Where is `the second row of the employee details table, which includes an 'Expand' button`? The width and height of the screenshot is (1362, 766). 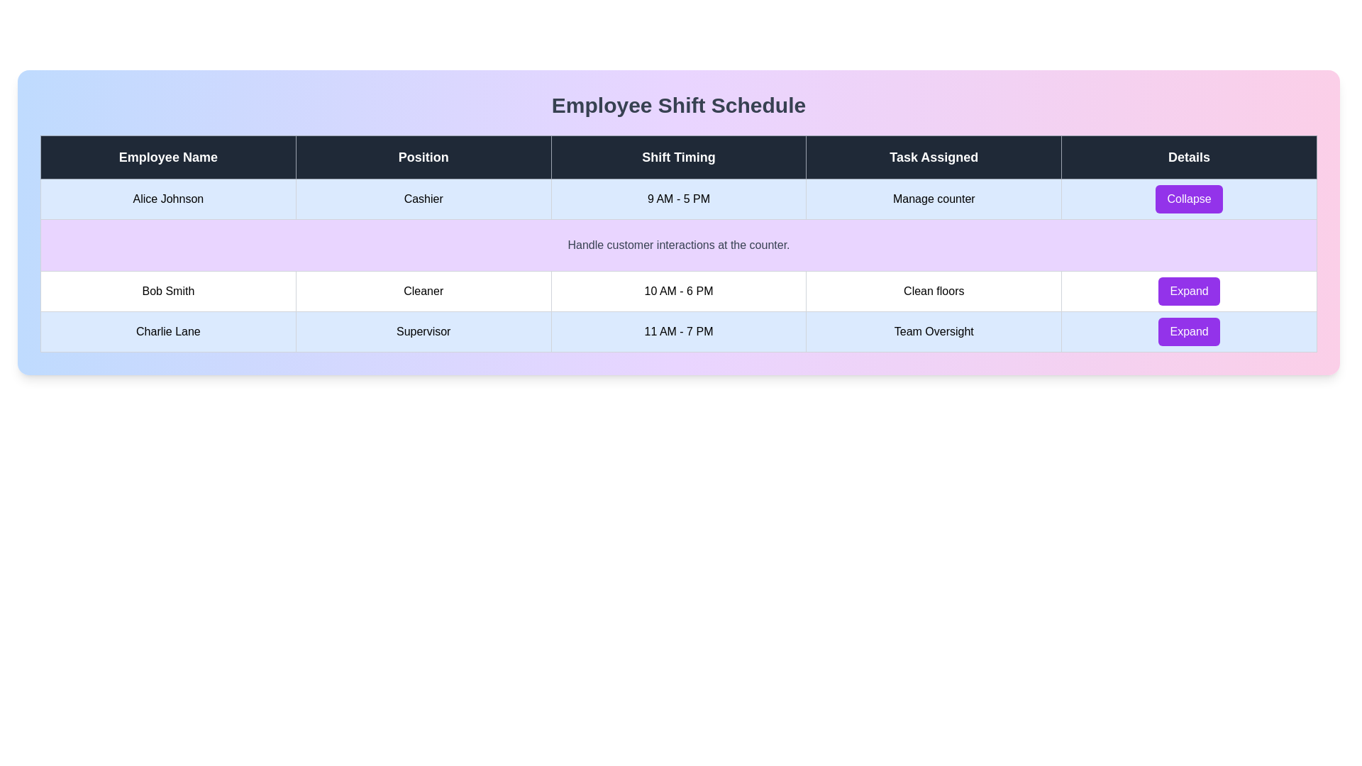
the second row of the employee details table, which includes an 'Expand' button is located at coordinates (677, 291).